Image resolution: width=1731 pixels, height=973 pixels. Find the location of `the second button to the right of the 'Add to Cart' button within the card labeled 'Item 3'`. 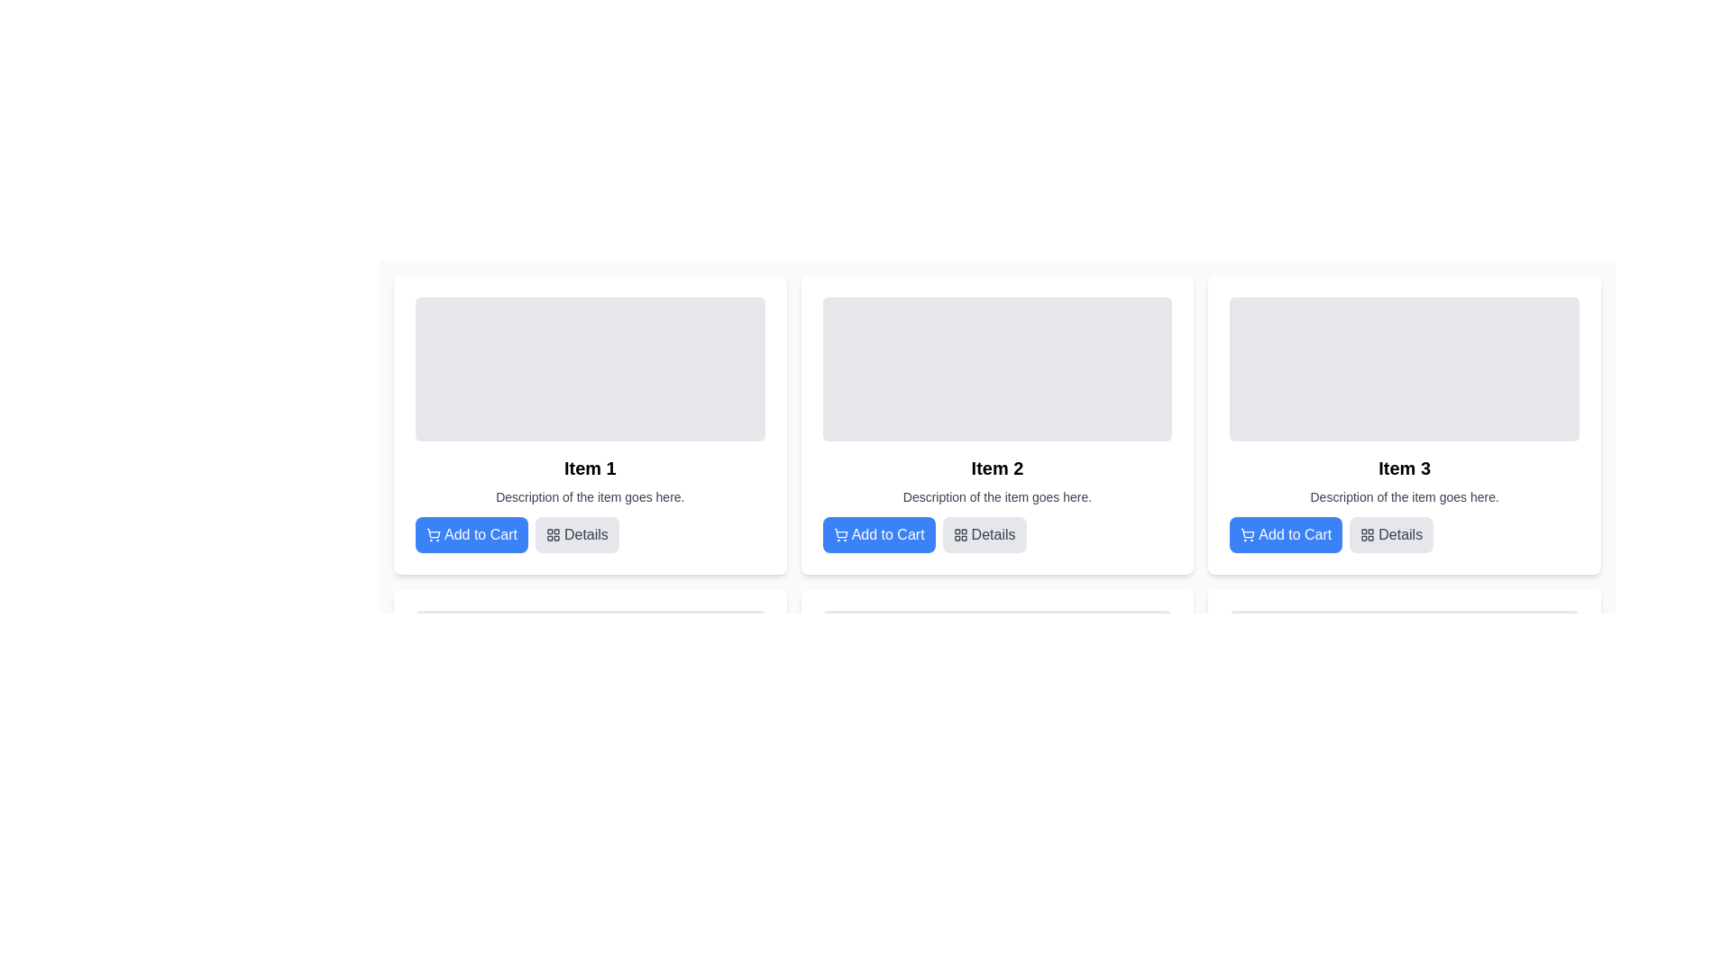

the second button to the right of the 'Add to Cart' button within the card labeled 'Item 3' is located at coordinates (1404, 534).